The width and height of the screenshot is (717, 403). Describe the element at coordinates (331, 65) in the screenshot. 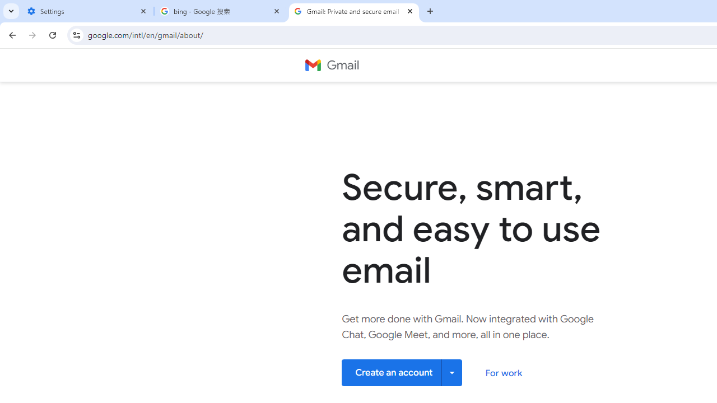

I see `'Gmail'` at that location.